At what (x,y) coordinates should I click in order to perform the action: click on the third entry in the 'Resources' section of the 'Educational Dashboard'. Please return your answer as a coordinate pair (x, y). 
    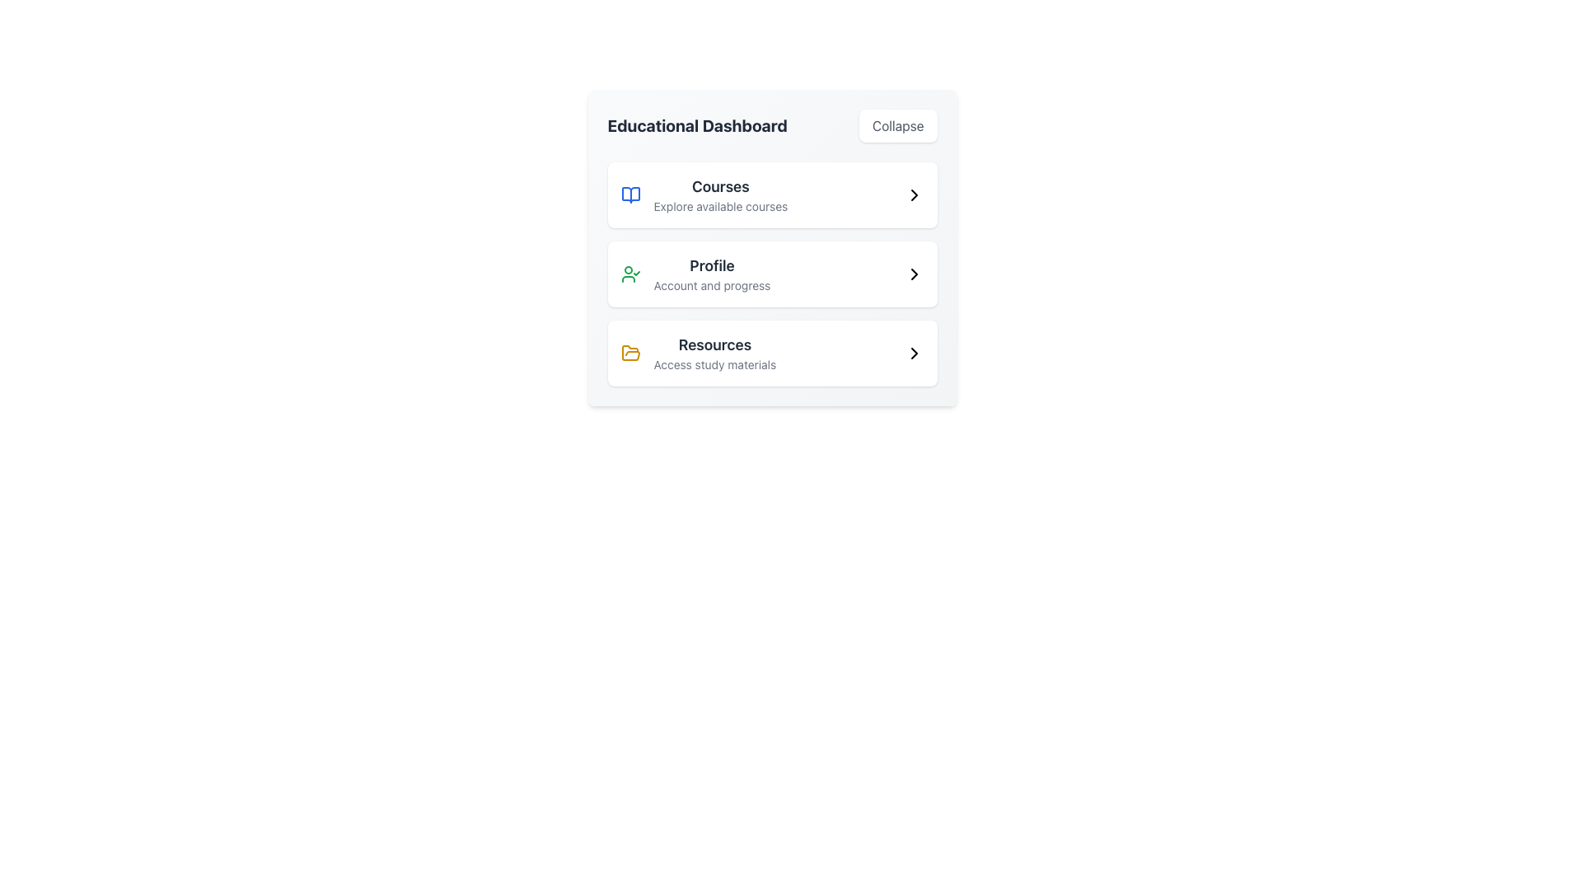
    Looking at the image, I should click on (771, 352).